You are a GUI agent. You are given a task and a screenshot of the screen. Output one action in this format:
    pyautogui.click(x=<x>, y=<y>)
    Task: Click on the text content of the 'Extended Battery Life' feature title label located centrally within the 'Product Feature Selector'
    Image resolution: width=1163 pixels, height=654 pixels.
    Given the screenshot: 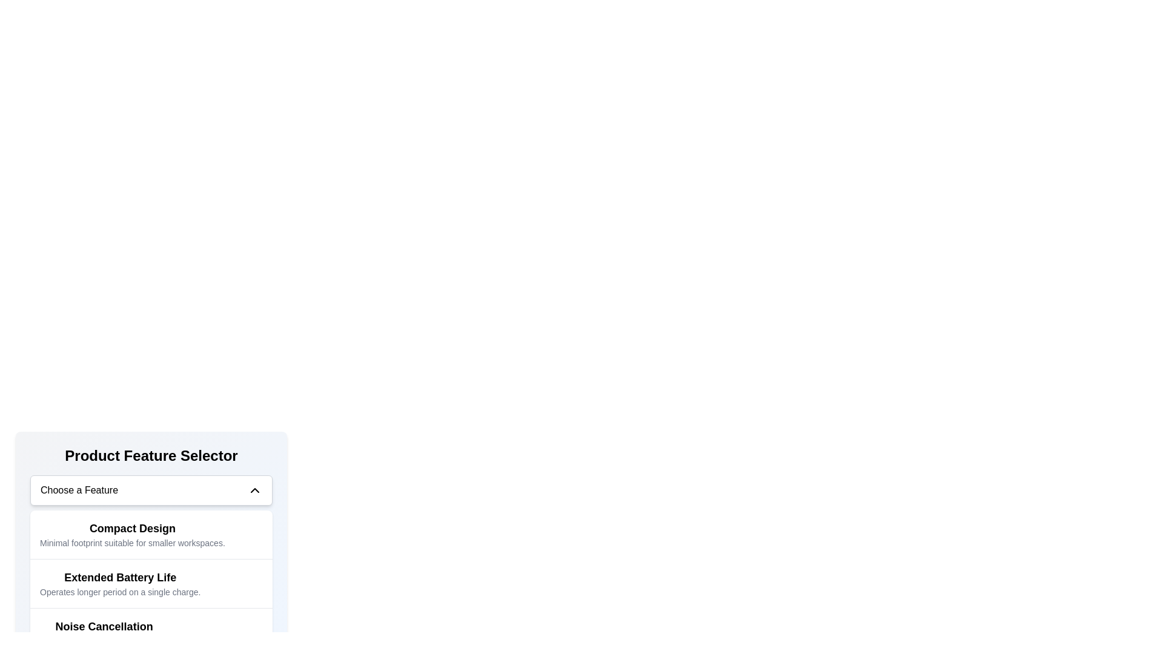 What is the action you would take?
    pyautogui.click(x=120, y=576)
    